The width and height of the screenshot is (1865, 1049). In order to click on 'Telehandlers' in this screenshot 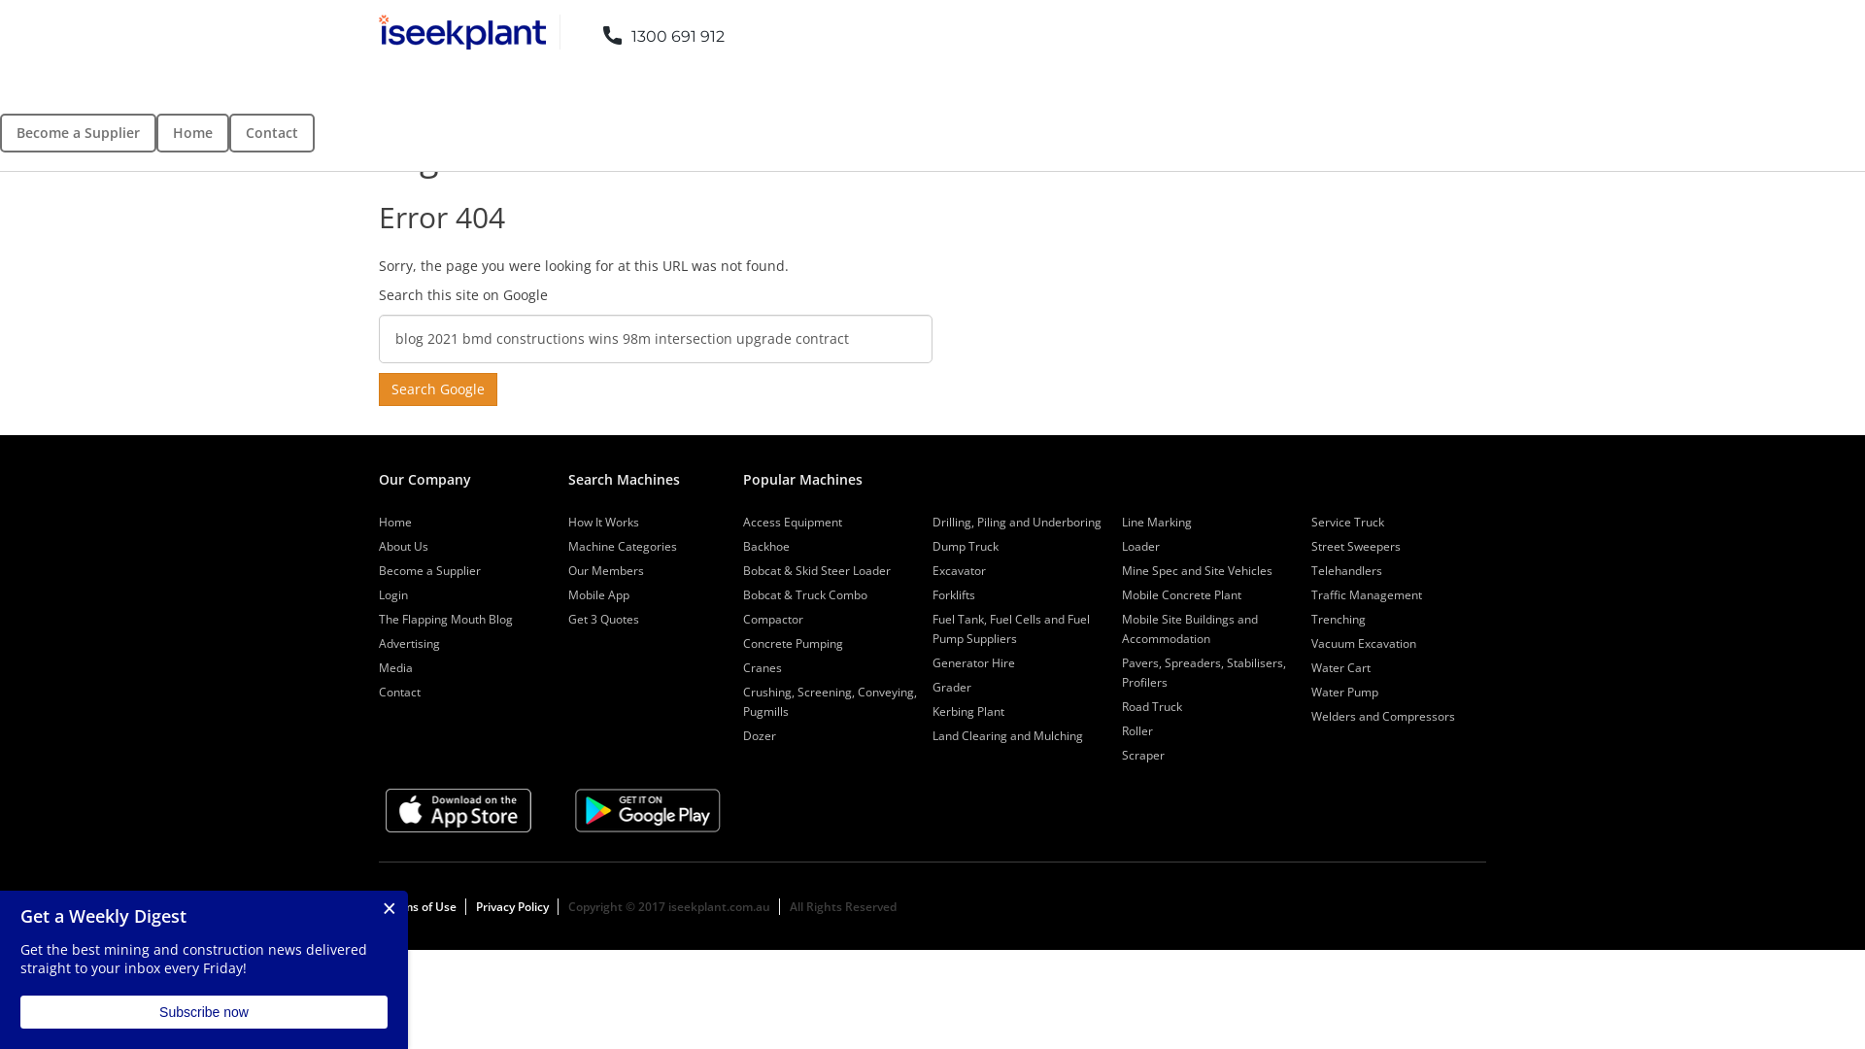, I will do `click(1345, 569)`.